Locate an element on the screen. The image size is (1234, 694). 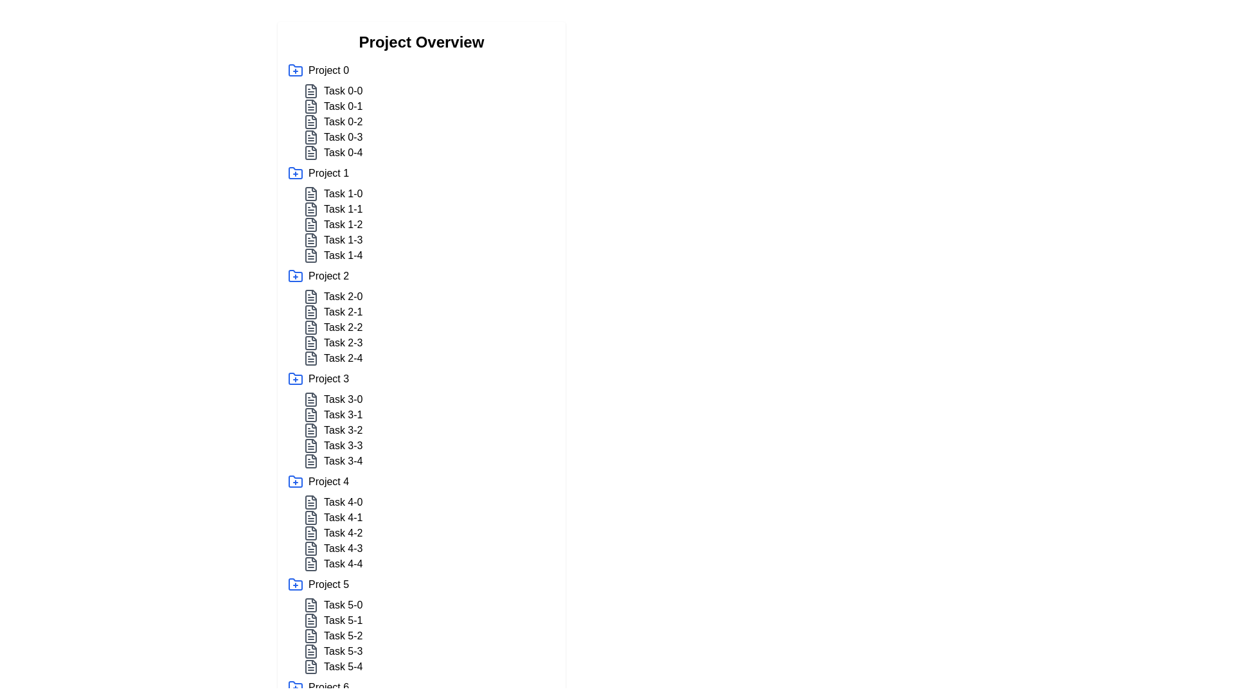
the graphical icon representing the file or document is located at coordinates (311, 121).